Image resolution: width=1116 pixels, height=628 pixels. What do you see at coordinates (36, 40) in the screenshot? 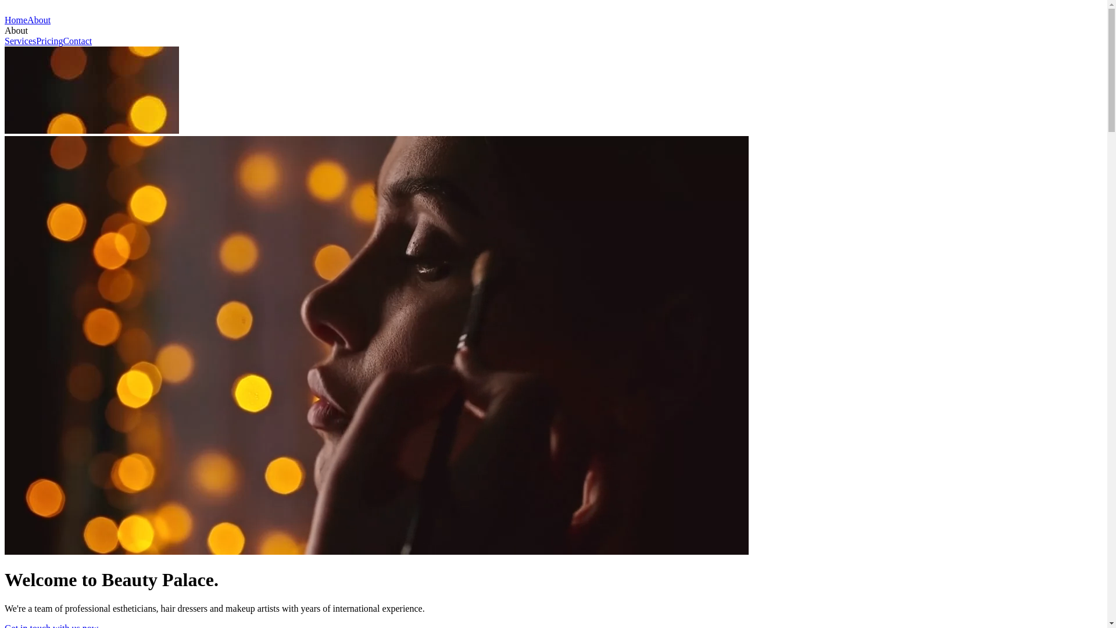
I see `'Pricing'` at bounding box center [36, 40].